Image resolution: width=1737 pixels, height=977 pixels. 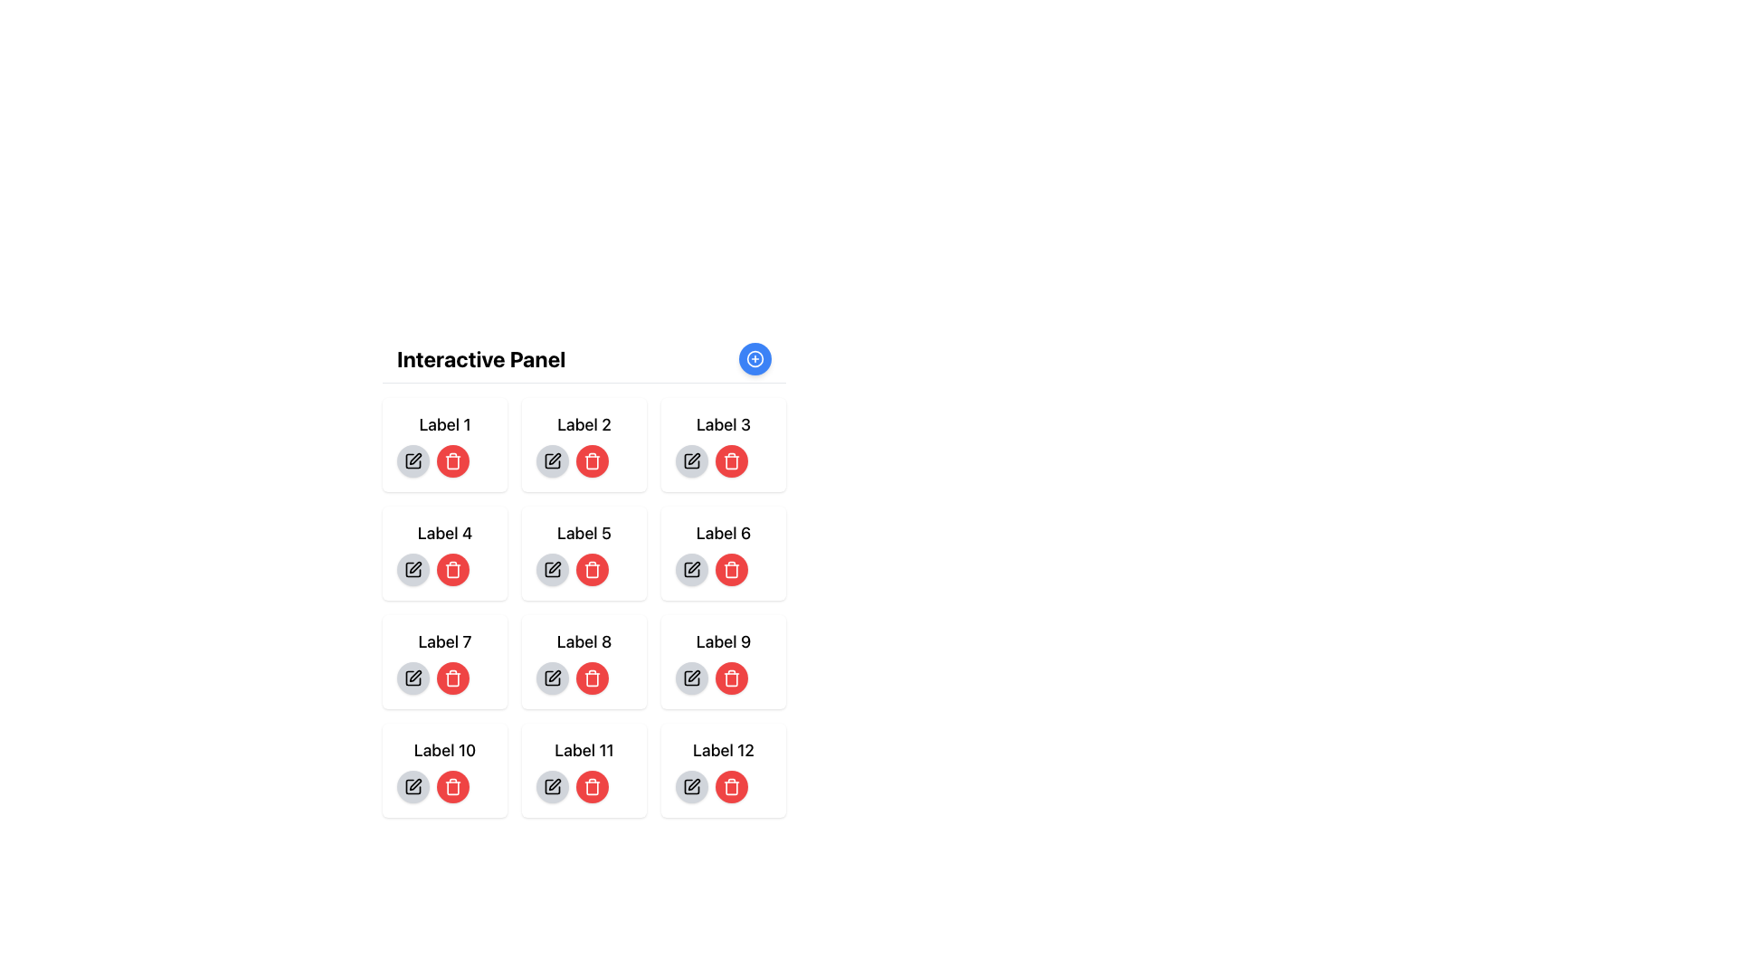 I want to click on the icon-based button located in the top-right corner of the module labeled 'Label 6', so click(x=693, y=458).